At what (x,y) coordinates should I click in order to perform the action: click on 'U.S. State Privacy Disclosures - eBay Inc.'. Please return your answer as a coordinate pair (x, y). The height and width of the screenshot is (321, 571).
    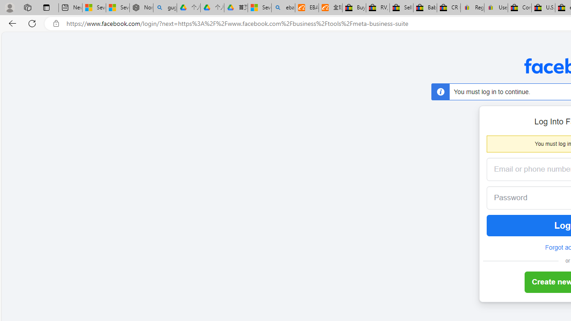
    Looking at the image, I should click on (542, 8).